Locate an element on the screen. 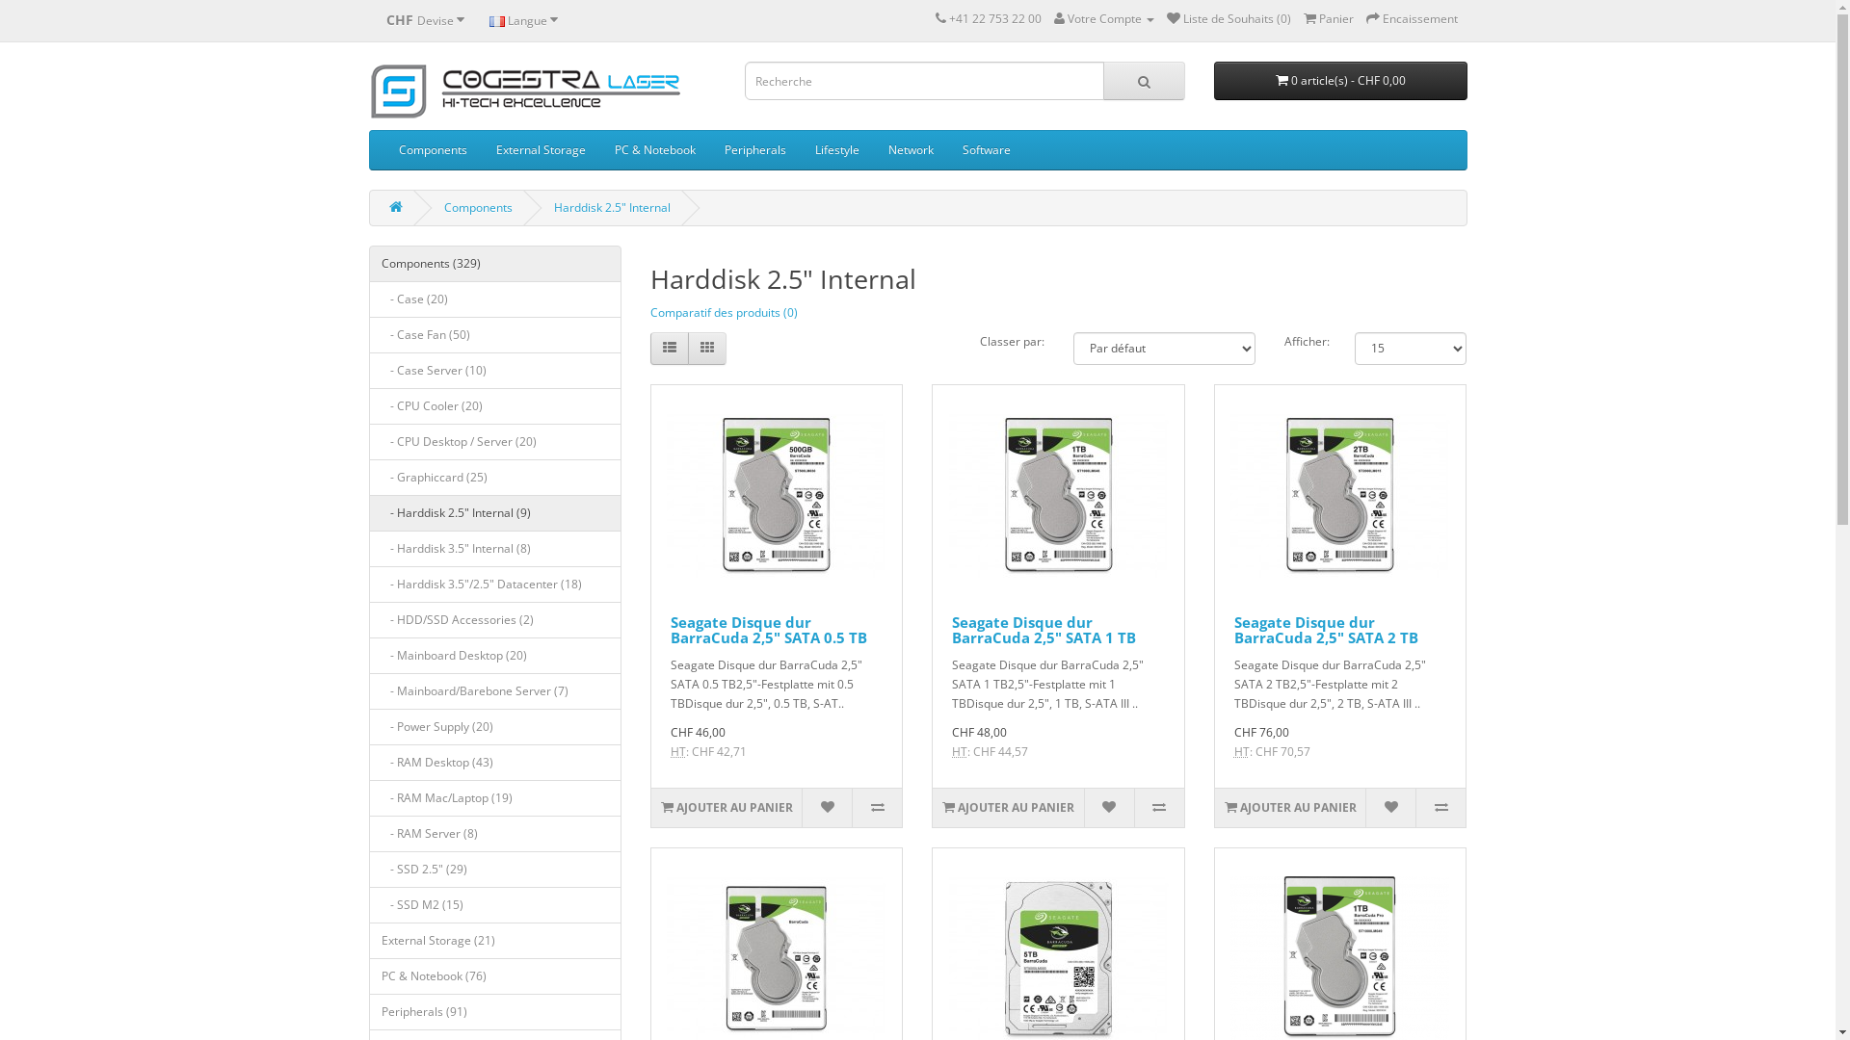 This screenshot has width=1850, height=1040. 'Harddisk 2.5" Internal' is located at coordinates (552, 207).